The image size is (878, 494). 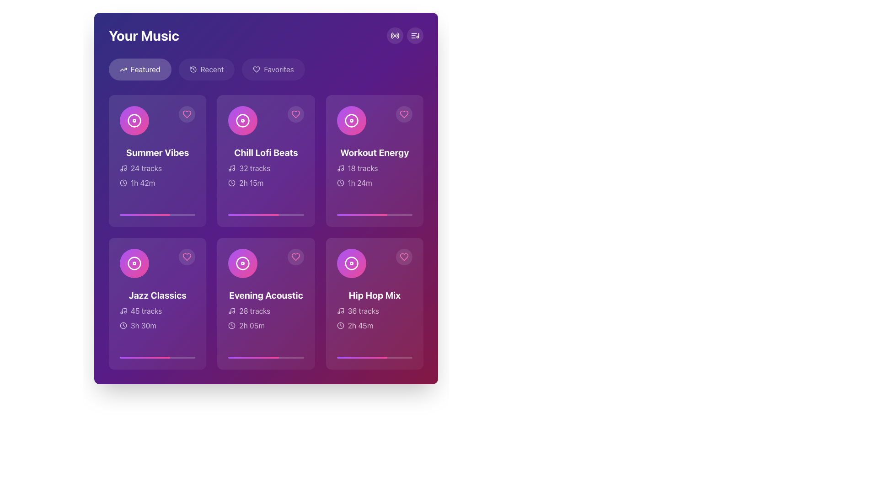 What do you see at coordinates (253, 215) in the screenshot?
I see `the progress bar representing the completion status of the 'Chill Lofi Beats' playlist by moving the cursor to its center` at bounding box center [253, 215].